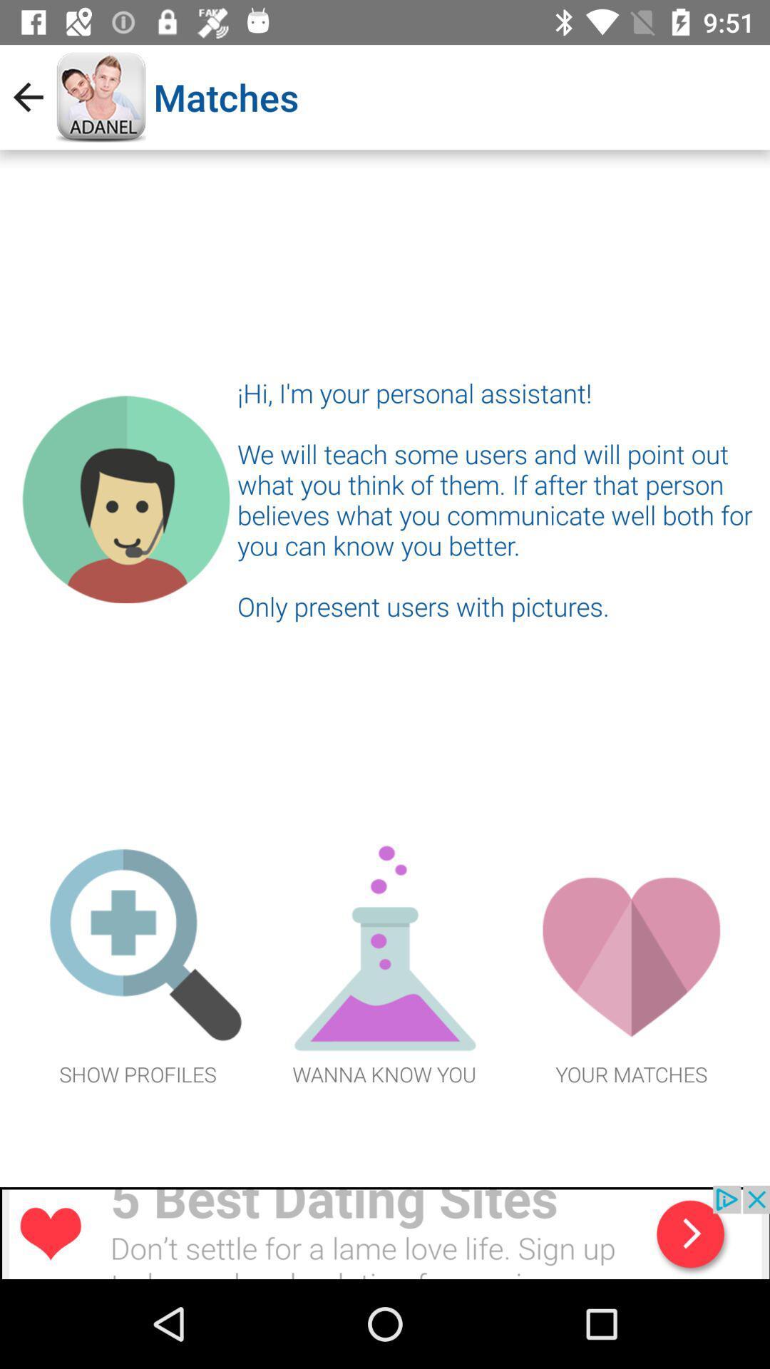 This screenshot has width=770, height=1369. I want to click on advertisement, so click(385, 1231).